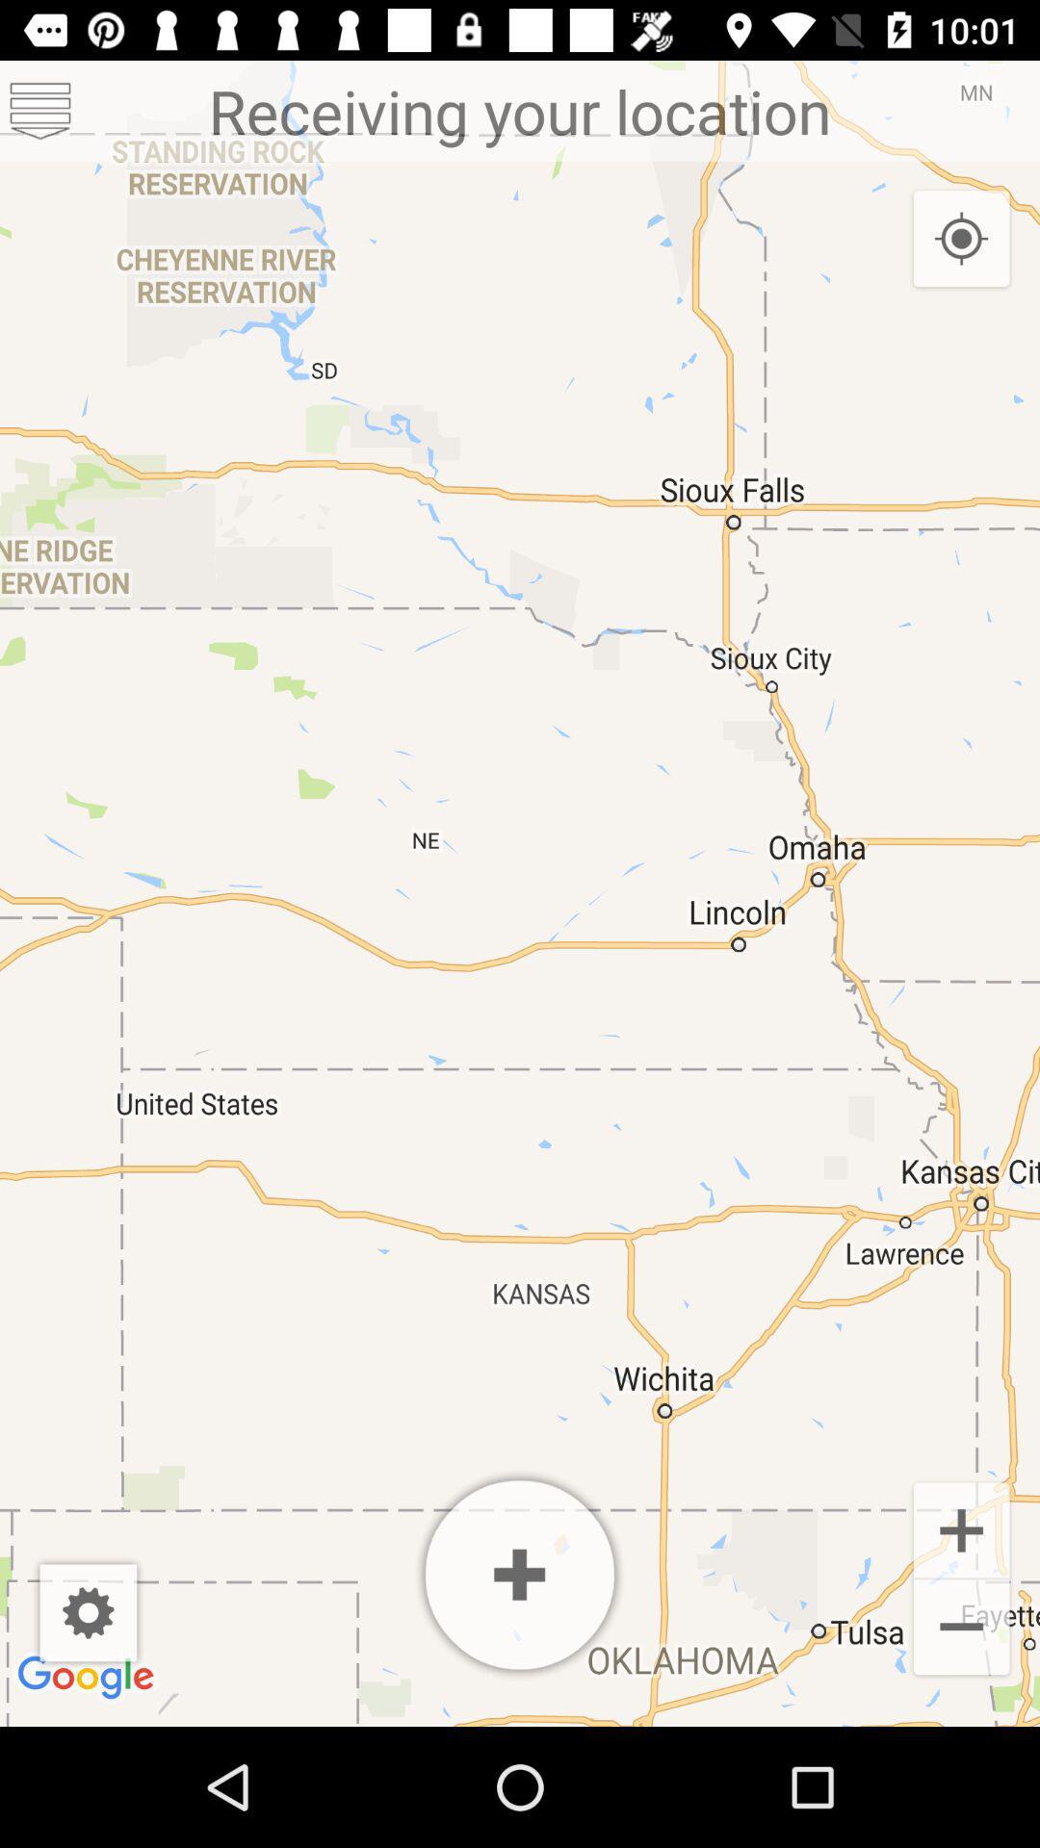 The image size is (1040, 1848). Describe the element at coordinates (961, 239) in the screenshot. I see `the location_crosshair icon` at that location.